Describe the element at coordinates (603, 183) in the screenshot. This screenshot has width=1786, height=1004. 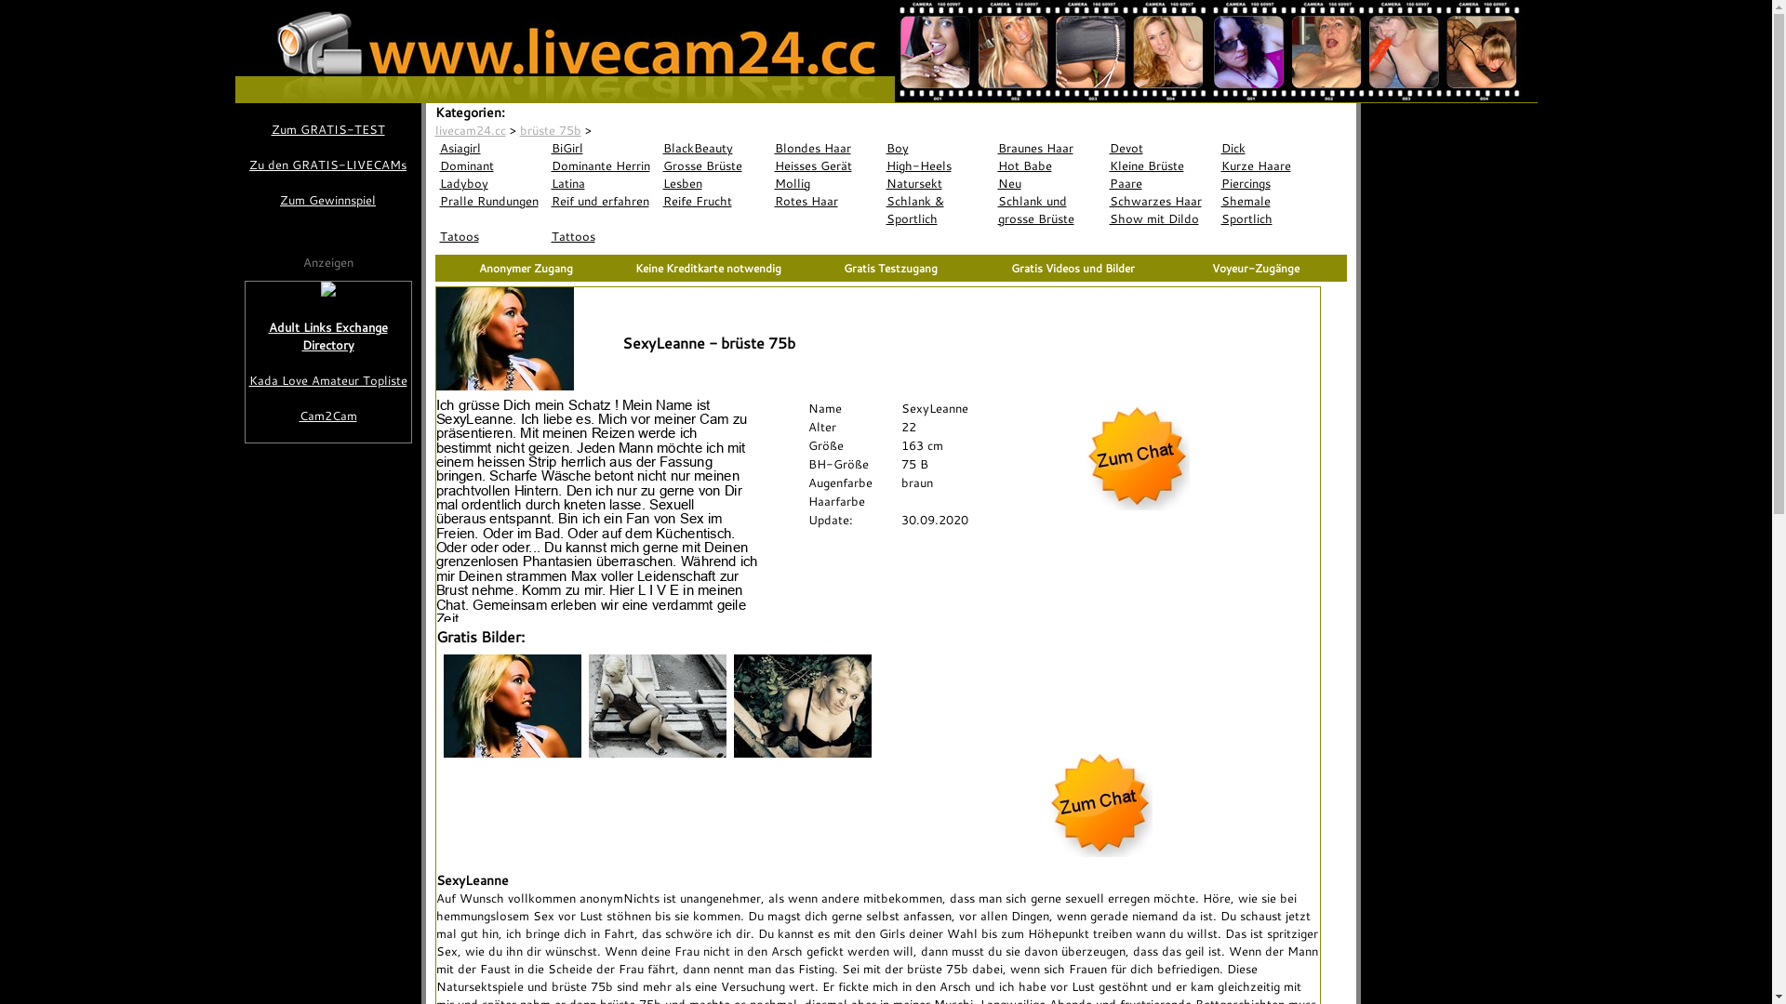
I see `'Latina'` at that location.